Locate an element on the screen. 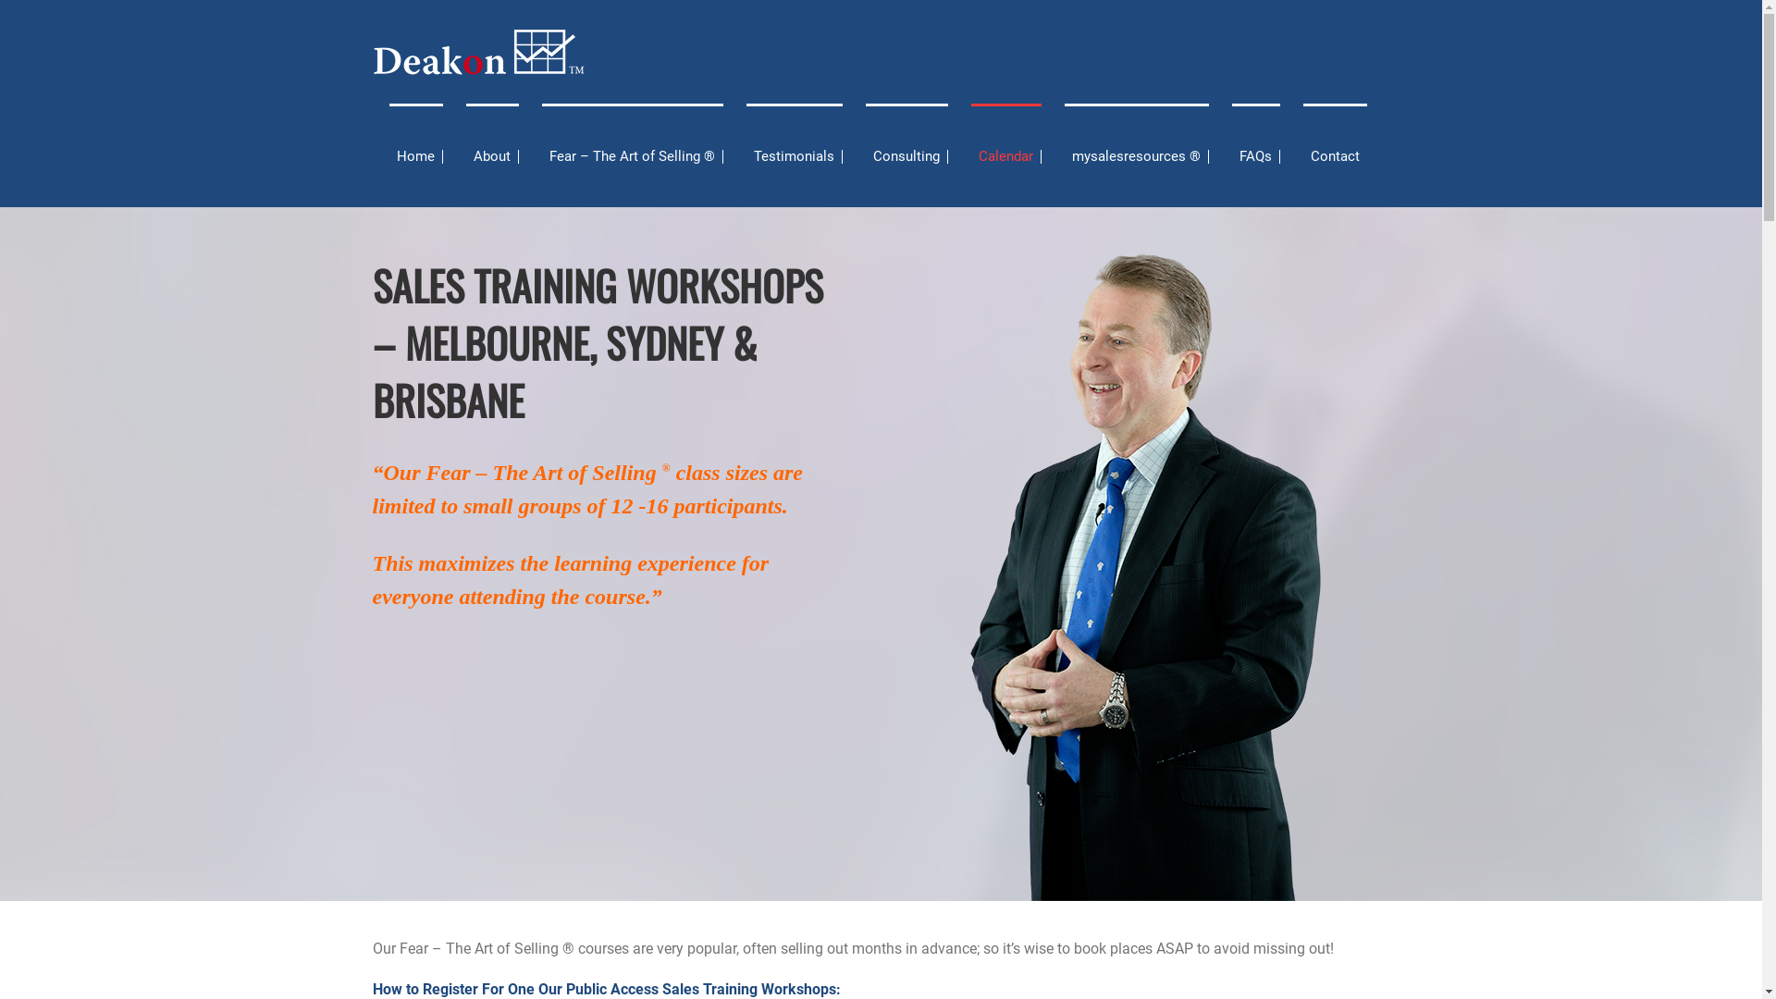 This screenshot has height=999, width=1776. 'Contact' is located at coordinates (1334, 154).